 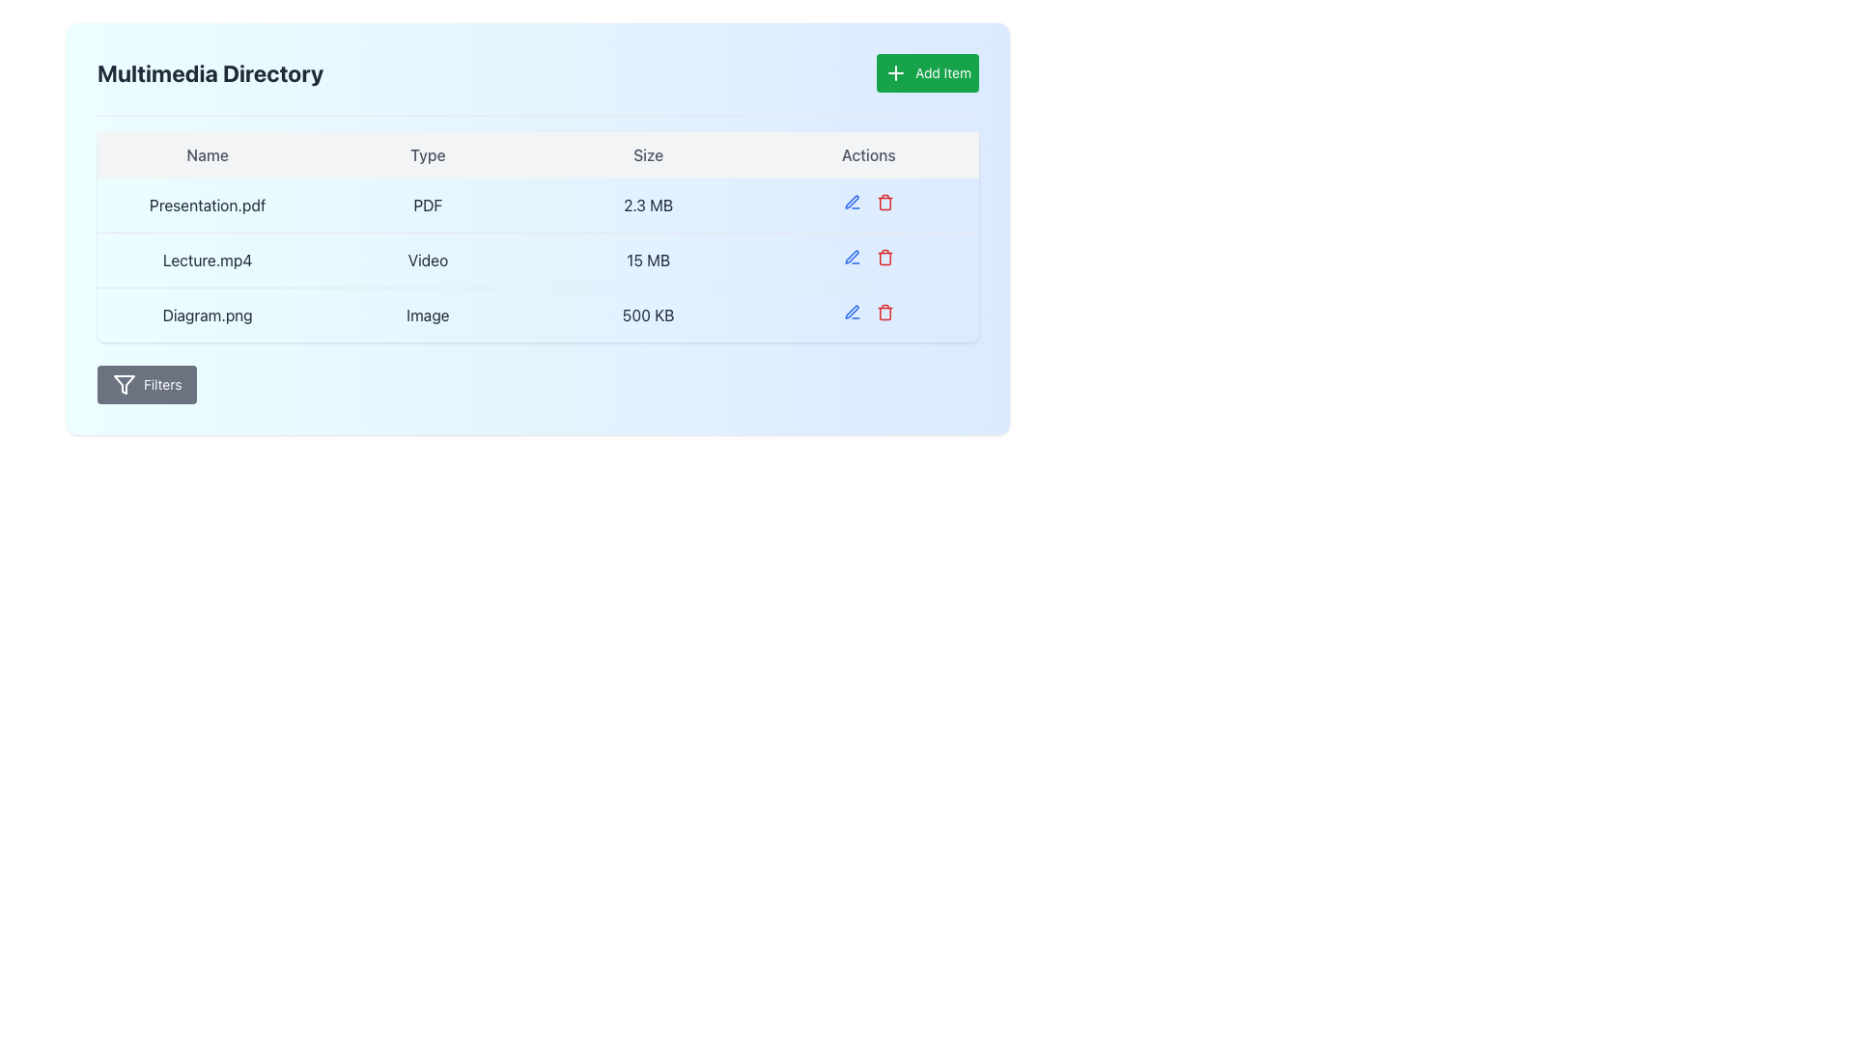 I want to click on the filter icon located to the left of the 'Filters' button at the bottom-left corner of the interface, so click(x=124, y=384).